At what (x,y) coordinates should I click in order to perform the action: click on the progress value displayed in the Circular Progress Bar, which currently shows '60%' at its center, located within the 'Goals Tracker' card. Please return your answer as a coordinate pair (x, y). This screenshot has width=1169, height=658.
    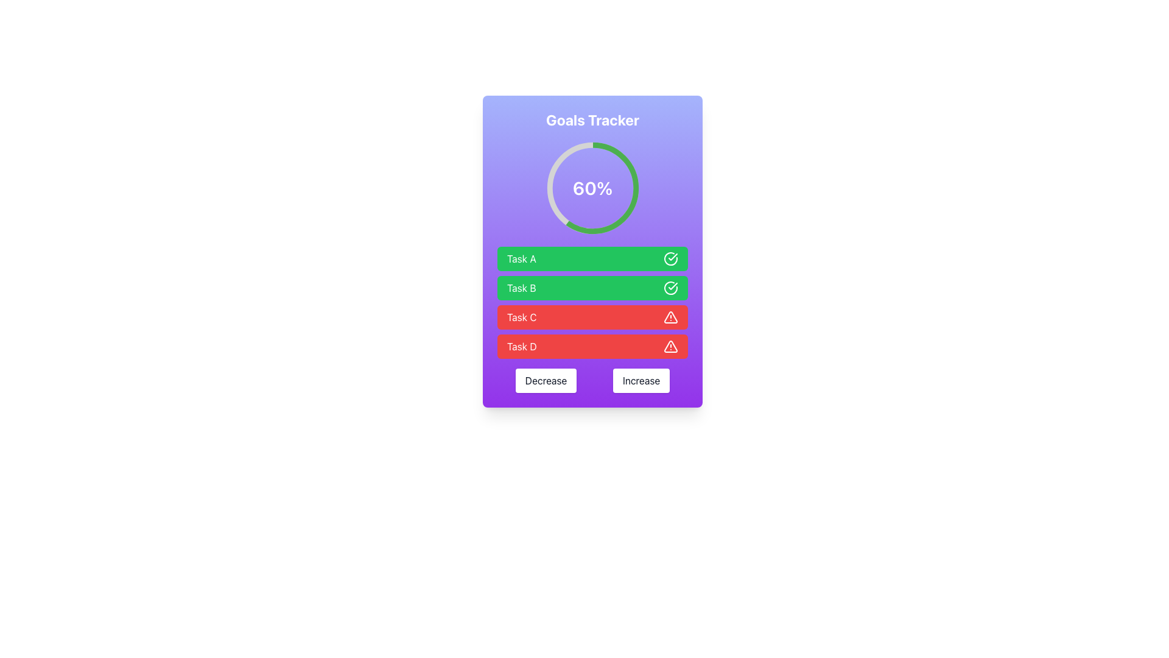
    Looking at the image, I should click on (592, 188).